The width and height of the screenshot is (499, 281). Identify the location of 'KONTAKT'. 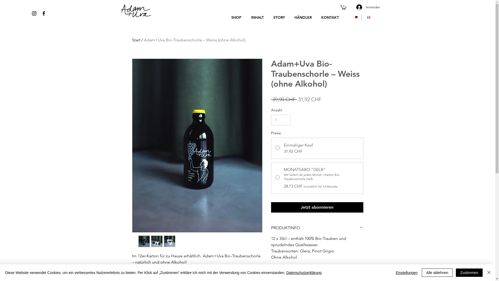
(329, 17).